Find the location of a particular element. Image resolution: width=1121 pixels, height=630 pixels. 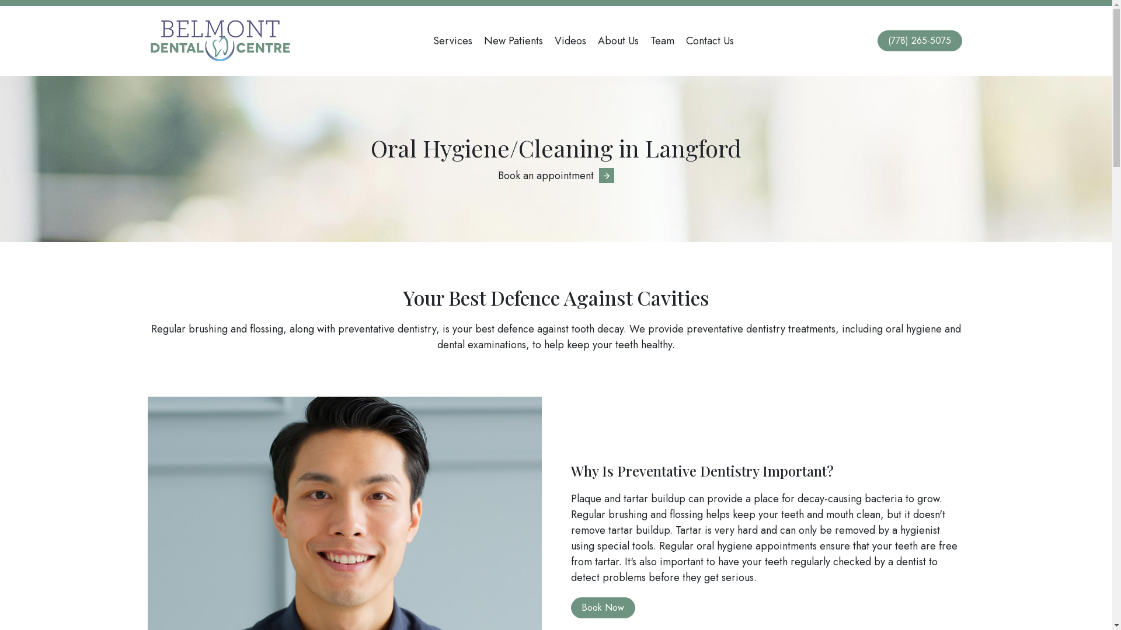

'About Us' is located at coordinates (618, 40).